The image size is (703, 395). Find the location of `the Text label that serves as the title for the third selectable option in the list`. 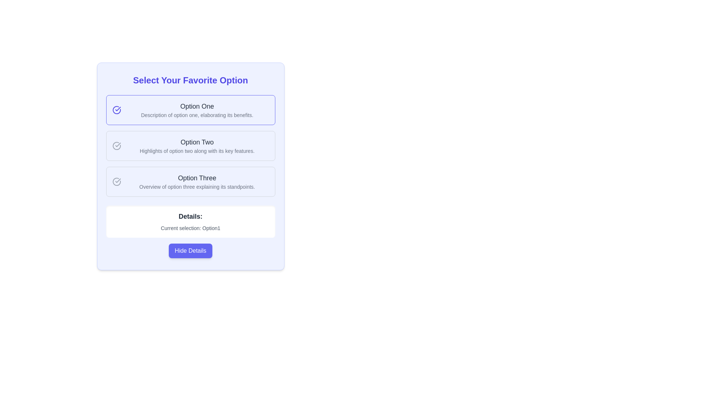

the Text label that serves as the title for the third selectable option in the list is located at coordinates (197, 178).